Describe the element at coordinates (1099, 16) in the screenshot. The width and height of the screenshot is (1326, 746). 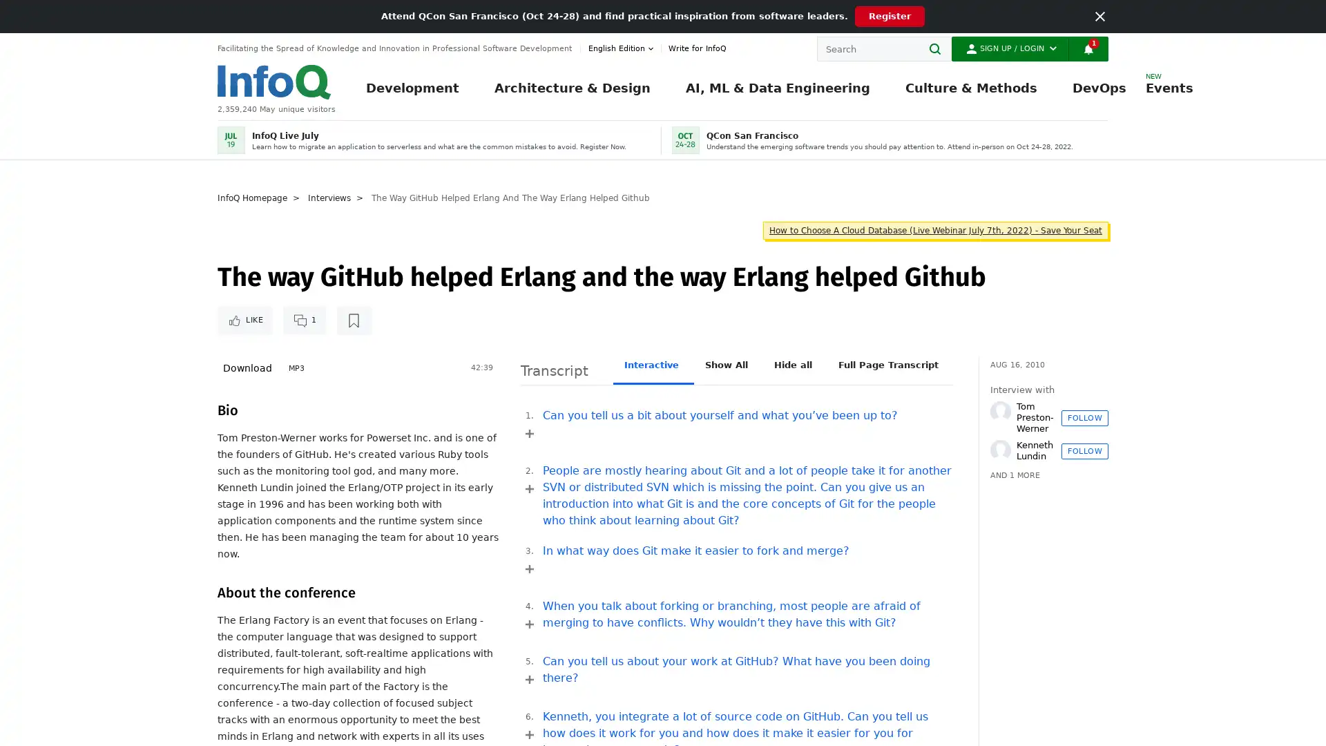
I see `Close` at that location.